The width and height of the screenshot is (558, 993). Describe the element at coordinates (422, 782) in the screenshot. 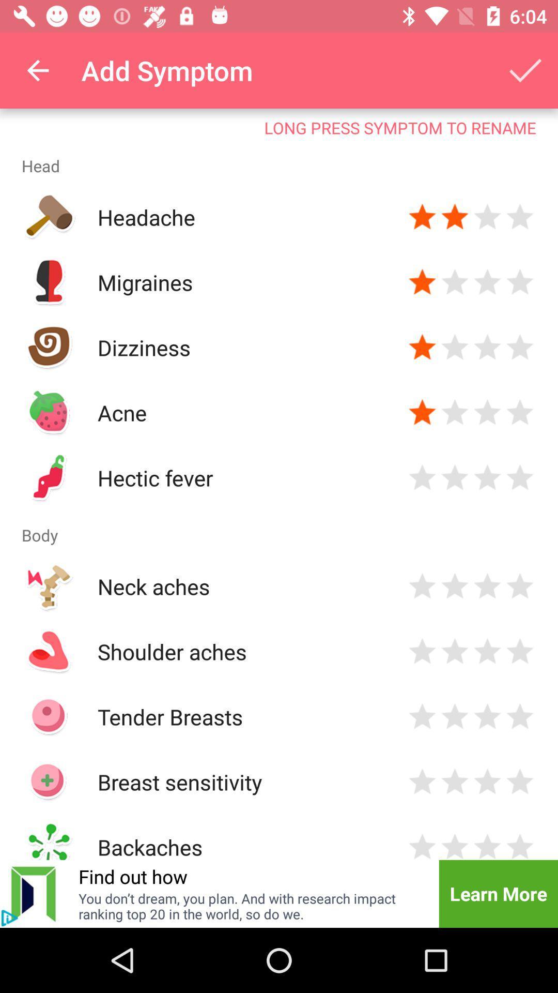

I see `rating for the items specified in the body section` at that location.